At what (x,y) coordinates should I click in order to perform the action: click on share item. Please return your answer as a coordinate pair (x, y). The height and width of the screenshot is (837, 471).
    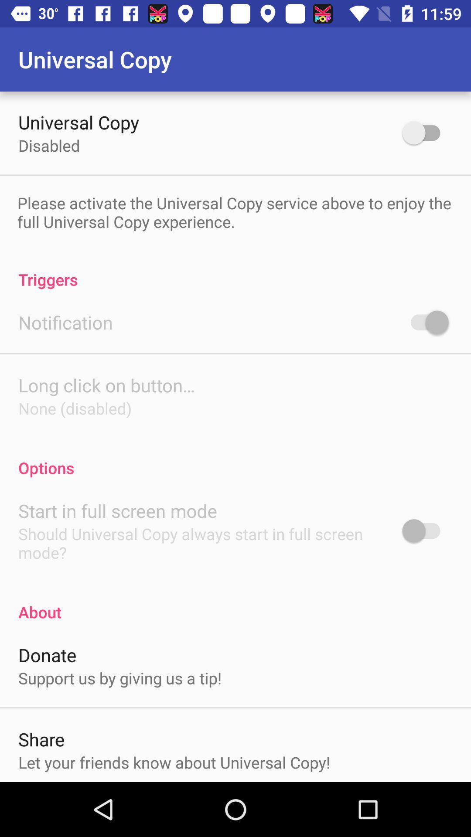
    Looking at the image, I should click on (41, 738).